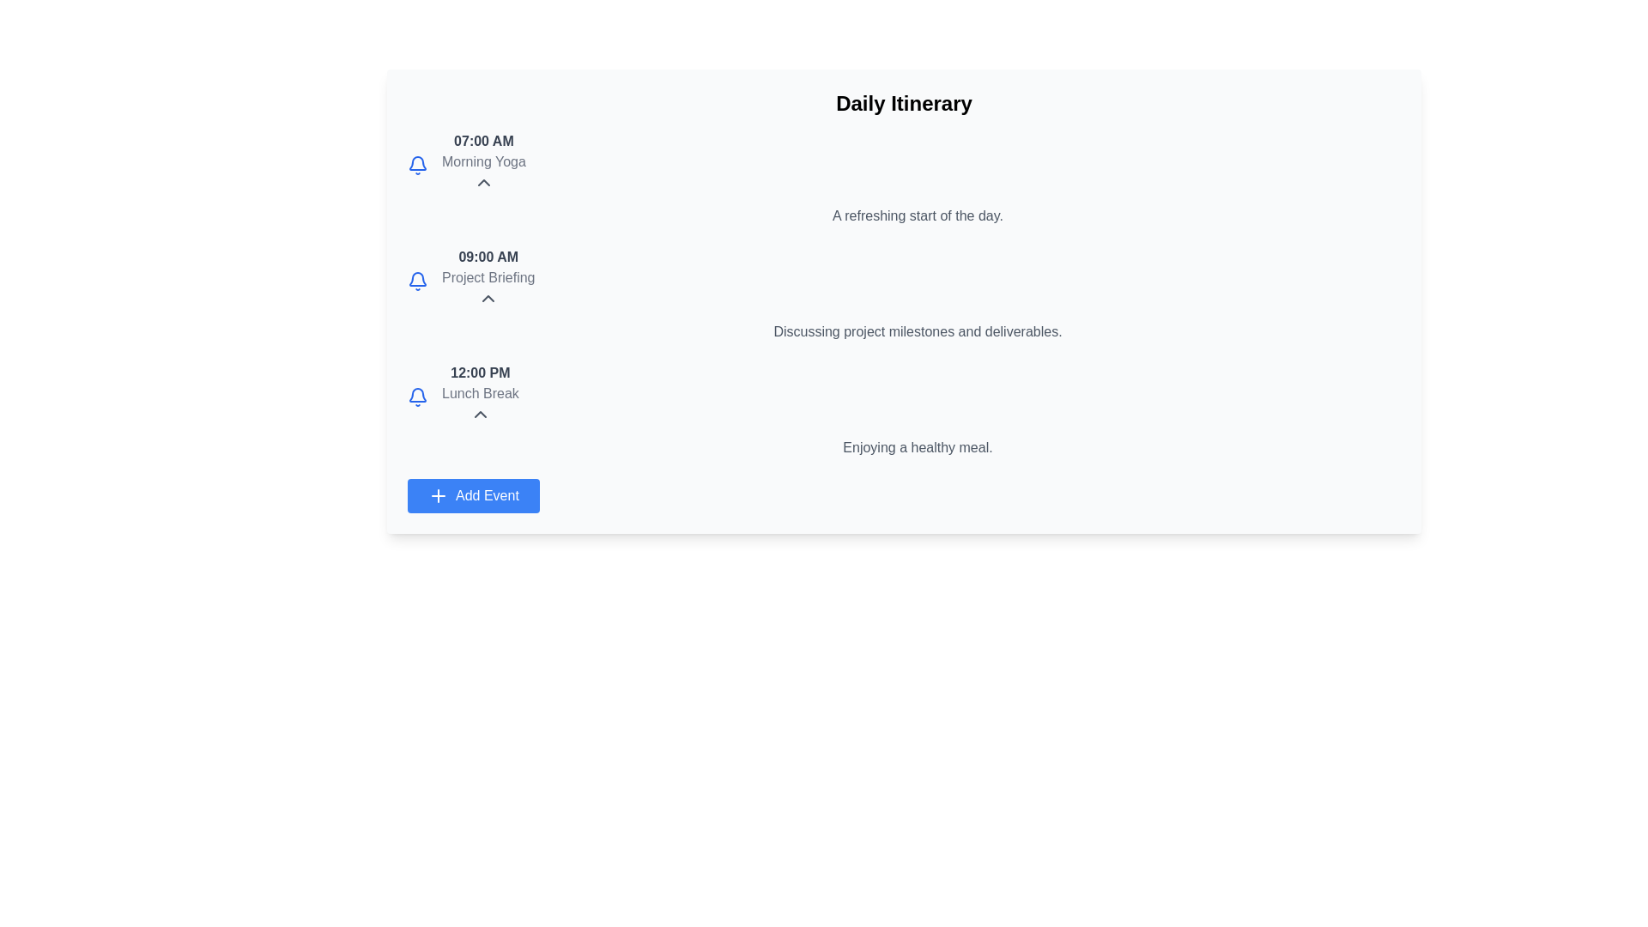 The height and width of the screenshot is (927, 1648). I want to click on the static text label element displaying 'Morning Yoga' positioned below the time label '07:00 AM' in the schedule, so click(482, 162).